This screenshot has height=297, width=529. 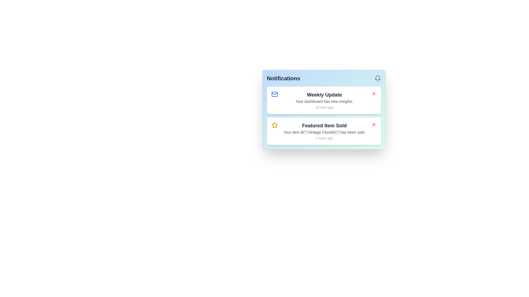 What do you see at coordinates (374, 124) in the screenshot?
I see `the red 'X' button located in the top-right corner of the notification card titled 'Featured Item Sold'` at bounding box center [374, 124].